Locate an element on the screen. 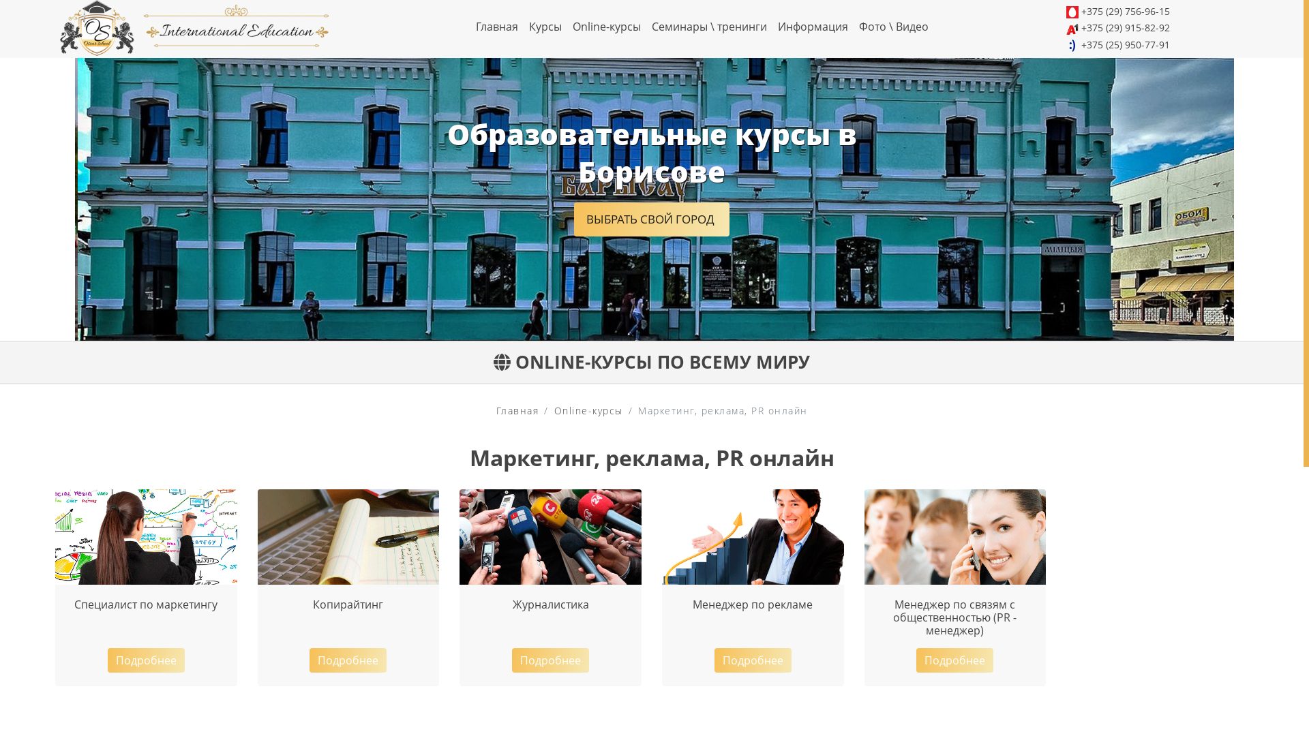 This screenshot has height=736, width=1309. '+375 (25) 950-77-91' is located at coordinates (1126, 44).